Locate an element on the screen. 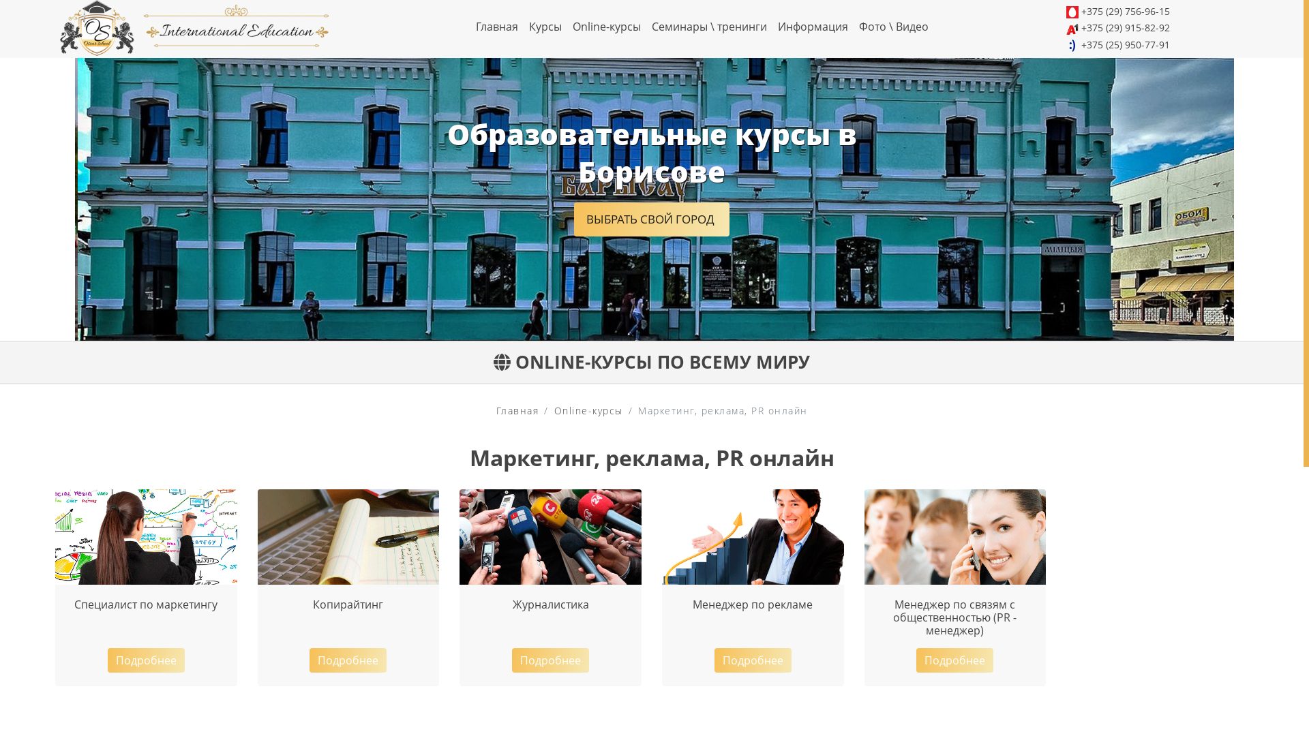 This screenshot has height=736, width=1309. '+375 (25) 950-77-91' is located at coordinates (1126, 44).